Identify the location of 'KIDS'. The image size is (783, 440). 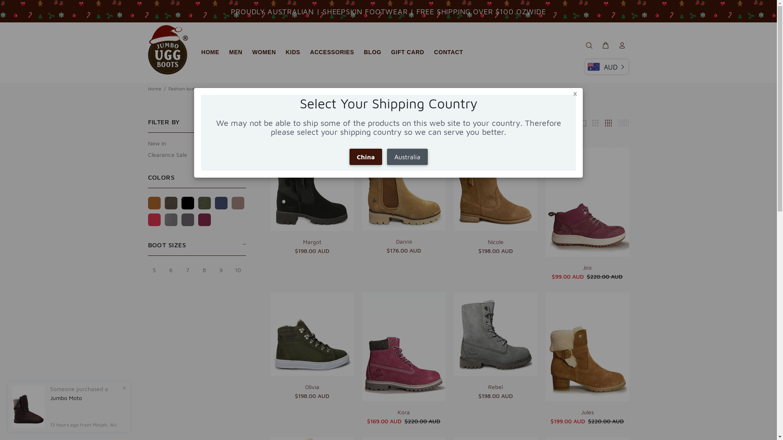
(293, 52).